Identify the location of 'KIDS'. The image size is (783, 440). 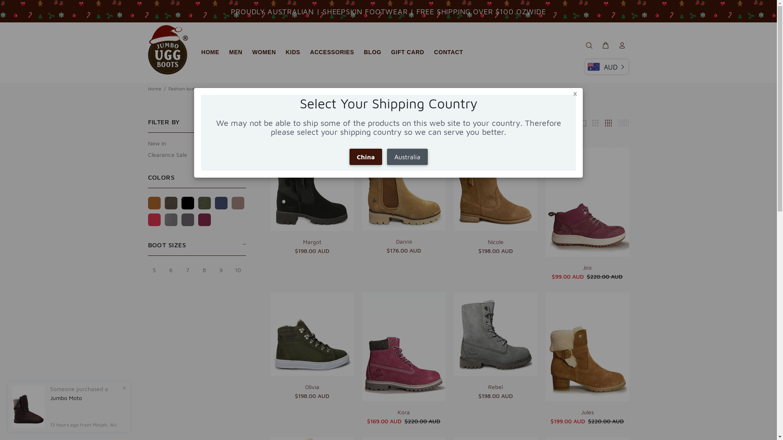
(293, 52).